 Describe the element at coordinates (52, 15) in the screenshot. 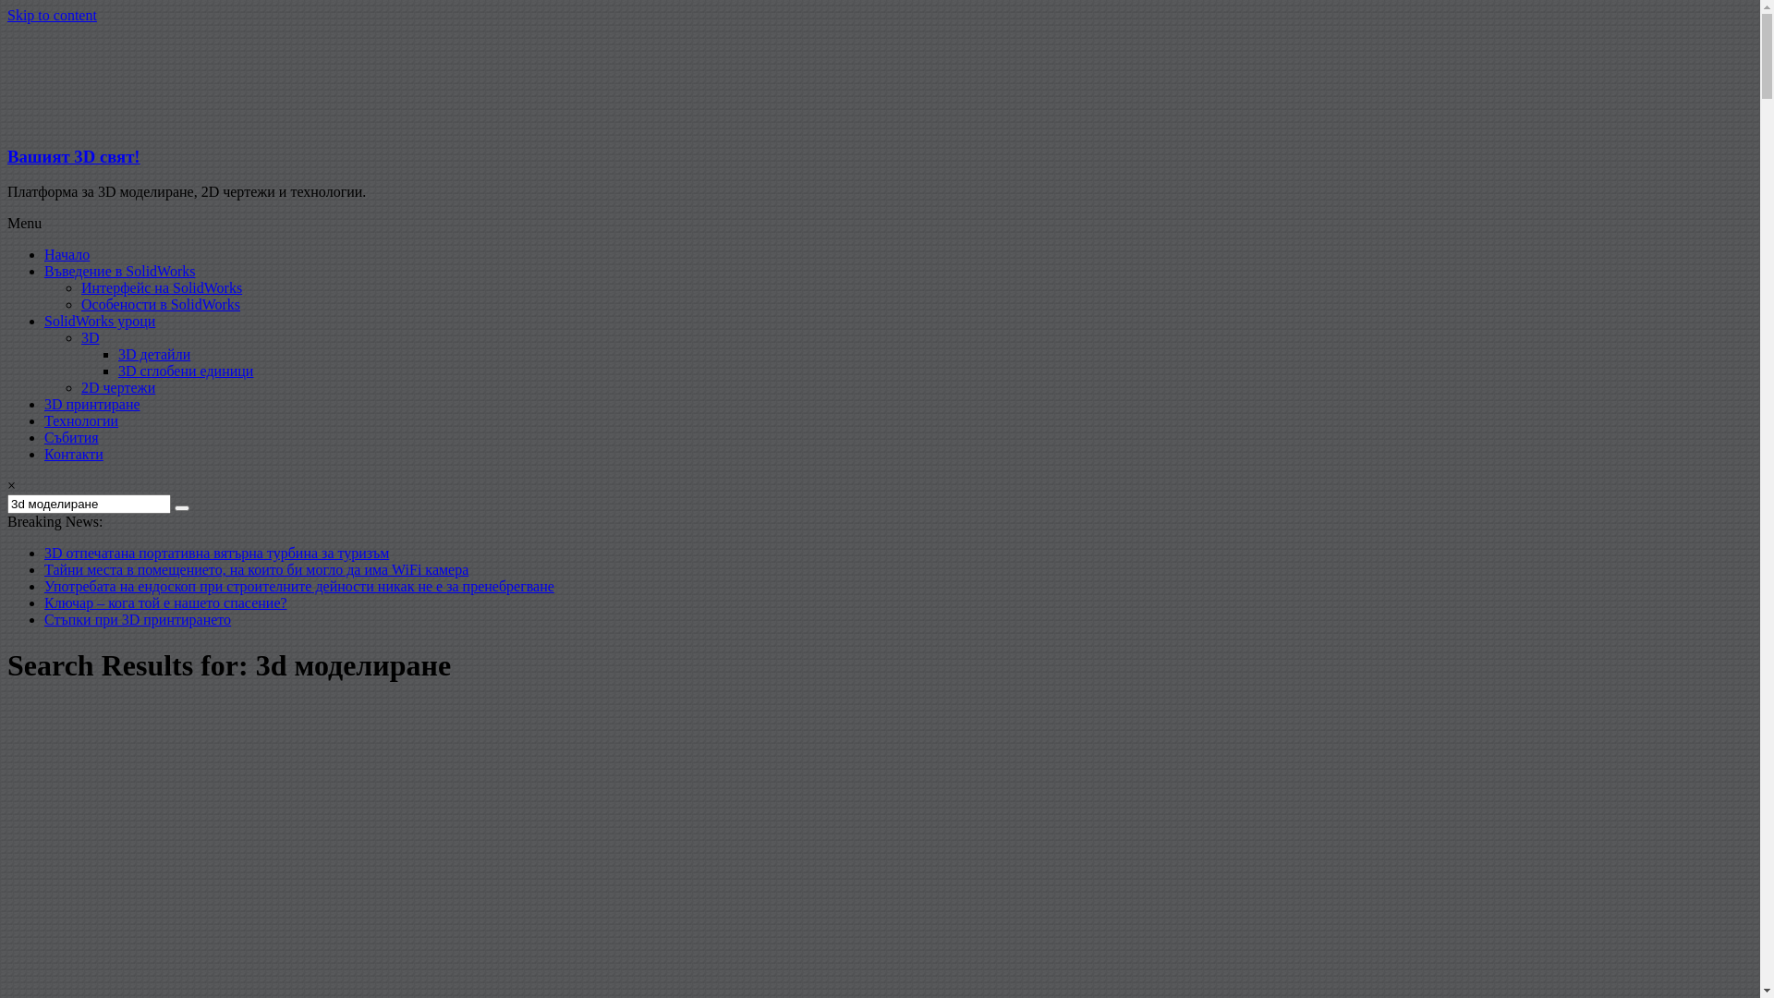

I see `'Skip to content'` at that location.